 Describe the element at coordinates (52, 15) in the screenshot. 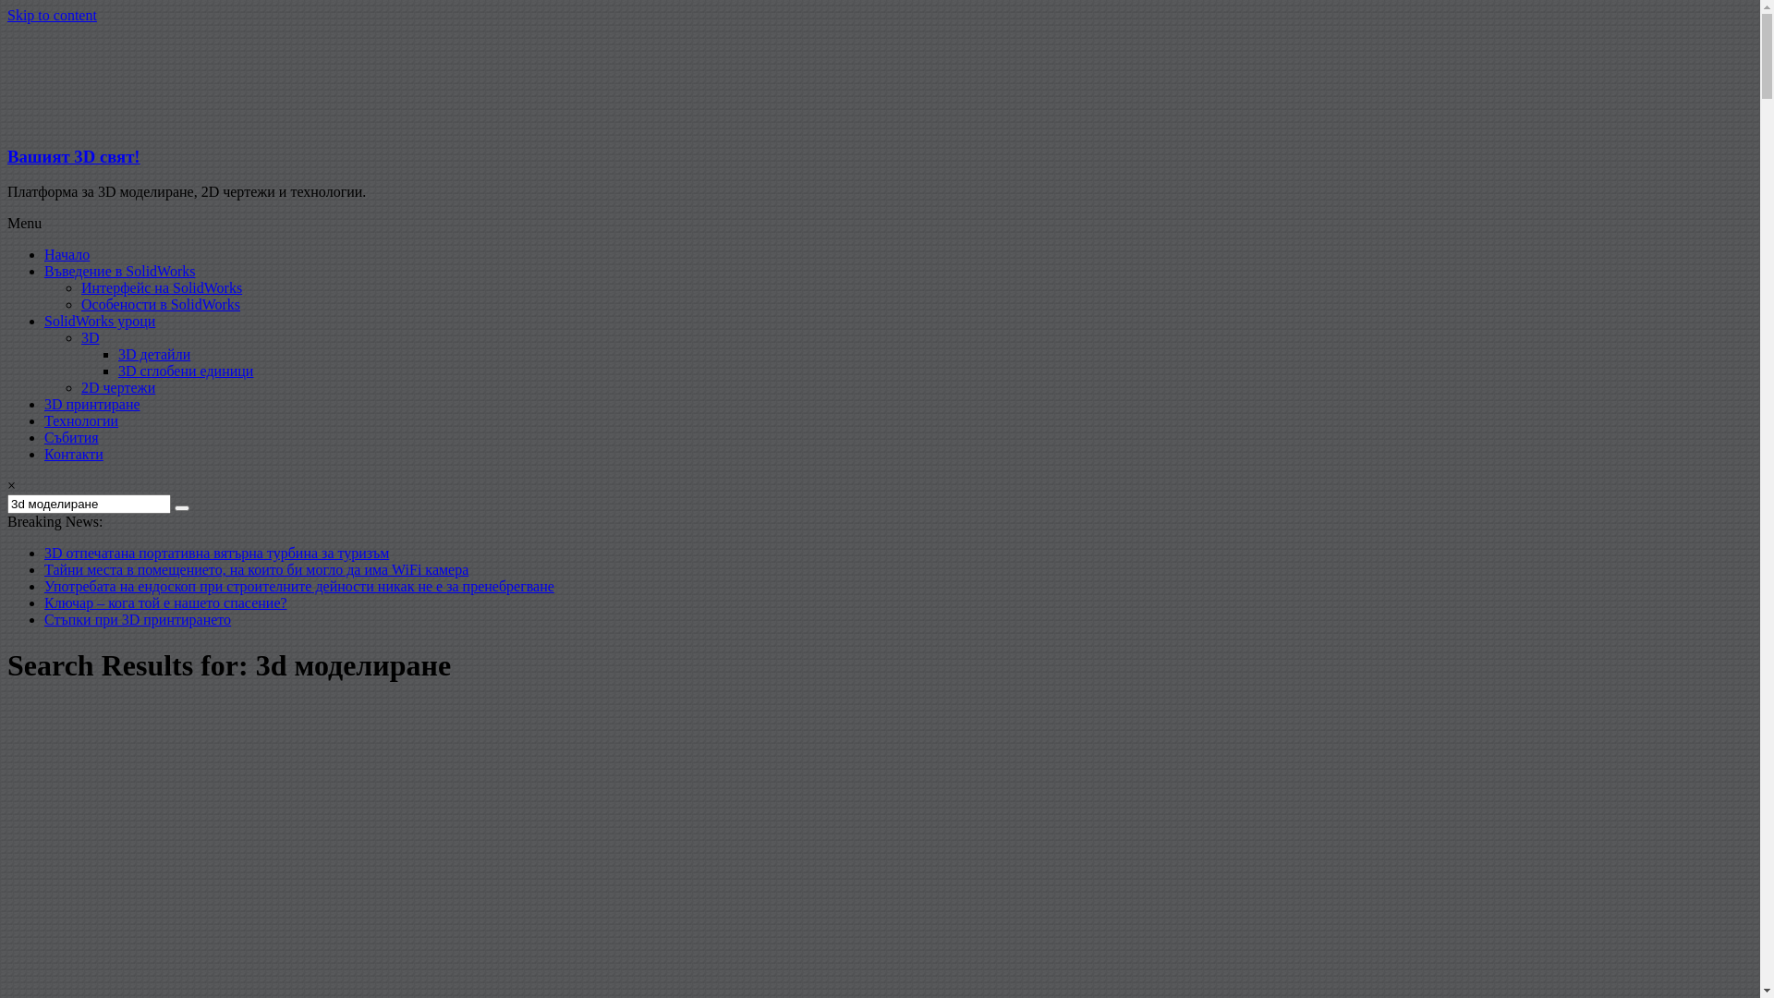

I see `'Skip to content'` at that location.